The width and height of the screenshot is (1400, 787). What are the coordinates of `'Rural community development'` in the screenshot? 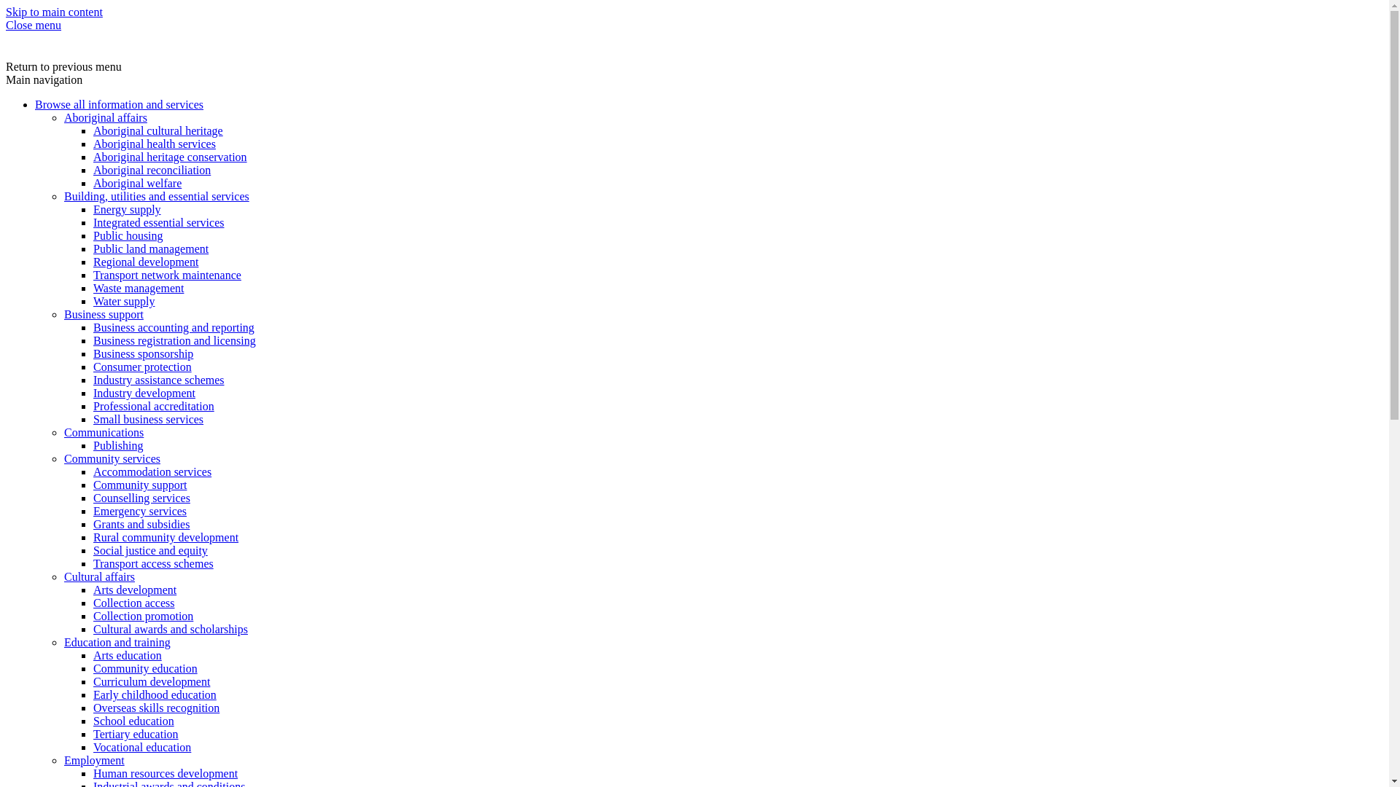 It's located at (166, 537).